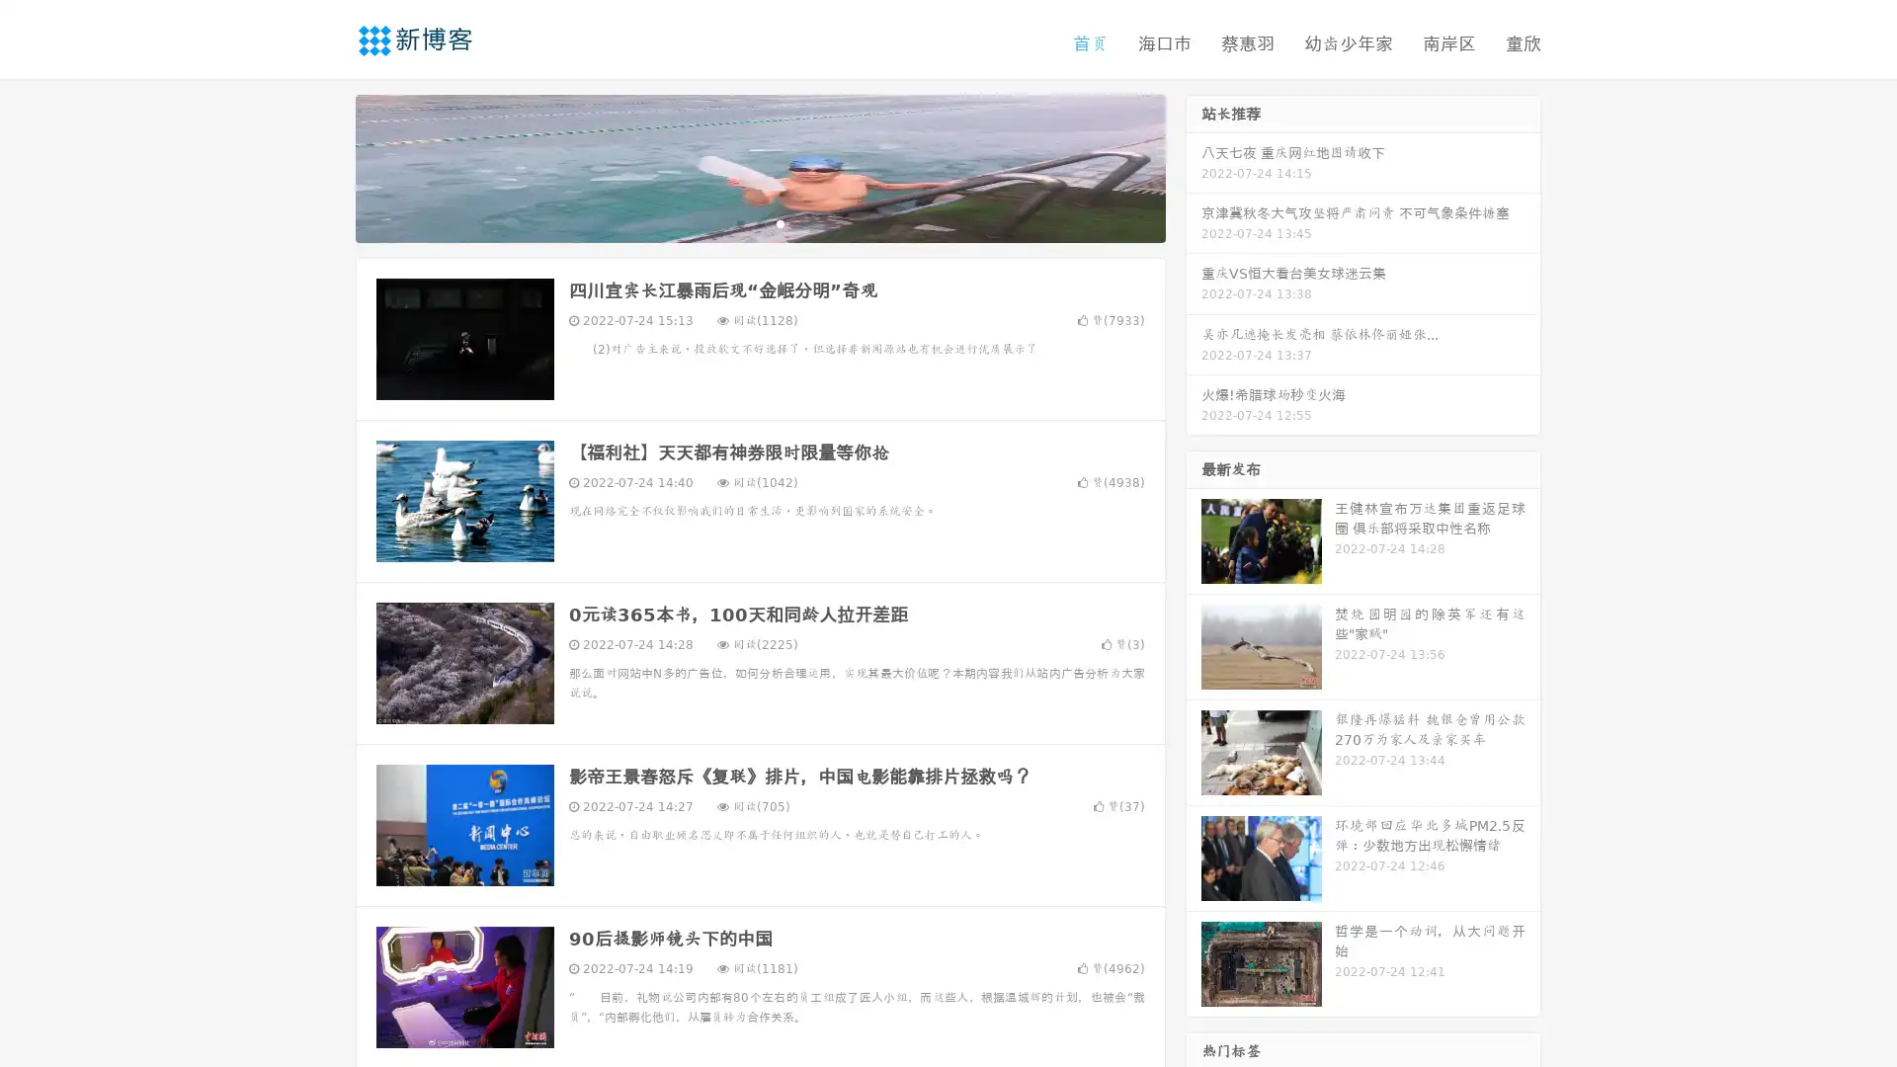 The width and height of the screenshot is (1897, 1067). Describe the element at coordinates (739, 222) in the screenshot. I see `Go to slide 1` at that location.